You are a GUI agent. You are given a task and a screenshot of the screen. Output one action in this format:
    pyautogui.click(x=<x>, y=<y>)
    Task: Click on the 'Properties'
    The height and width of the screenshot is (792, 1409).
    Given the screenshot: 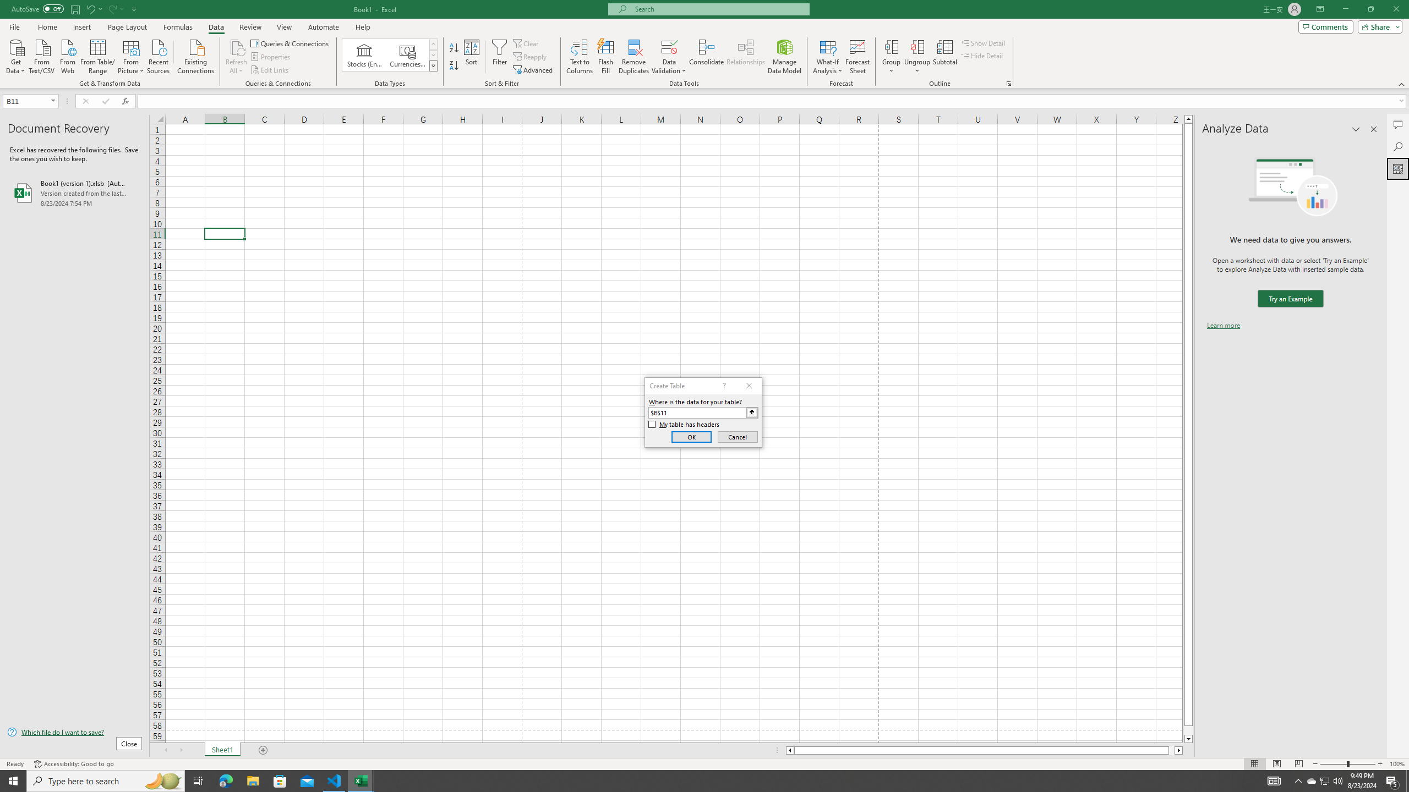 What is the action you would take?
    pyautogui.click(x=271, y=57)
    